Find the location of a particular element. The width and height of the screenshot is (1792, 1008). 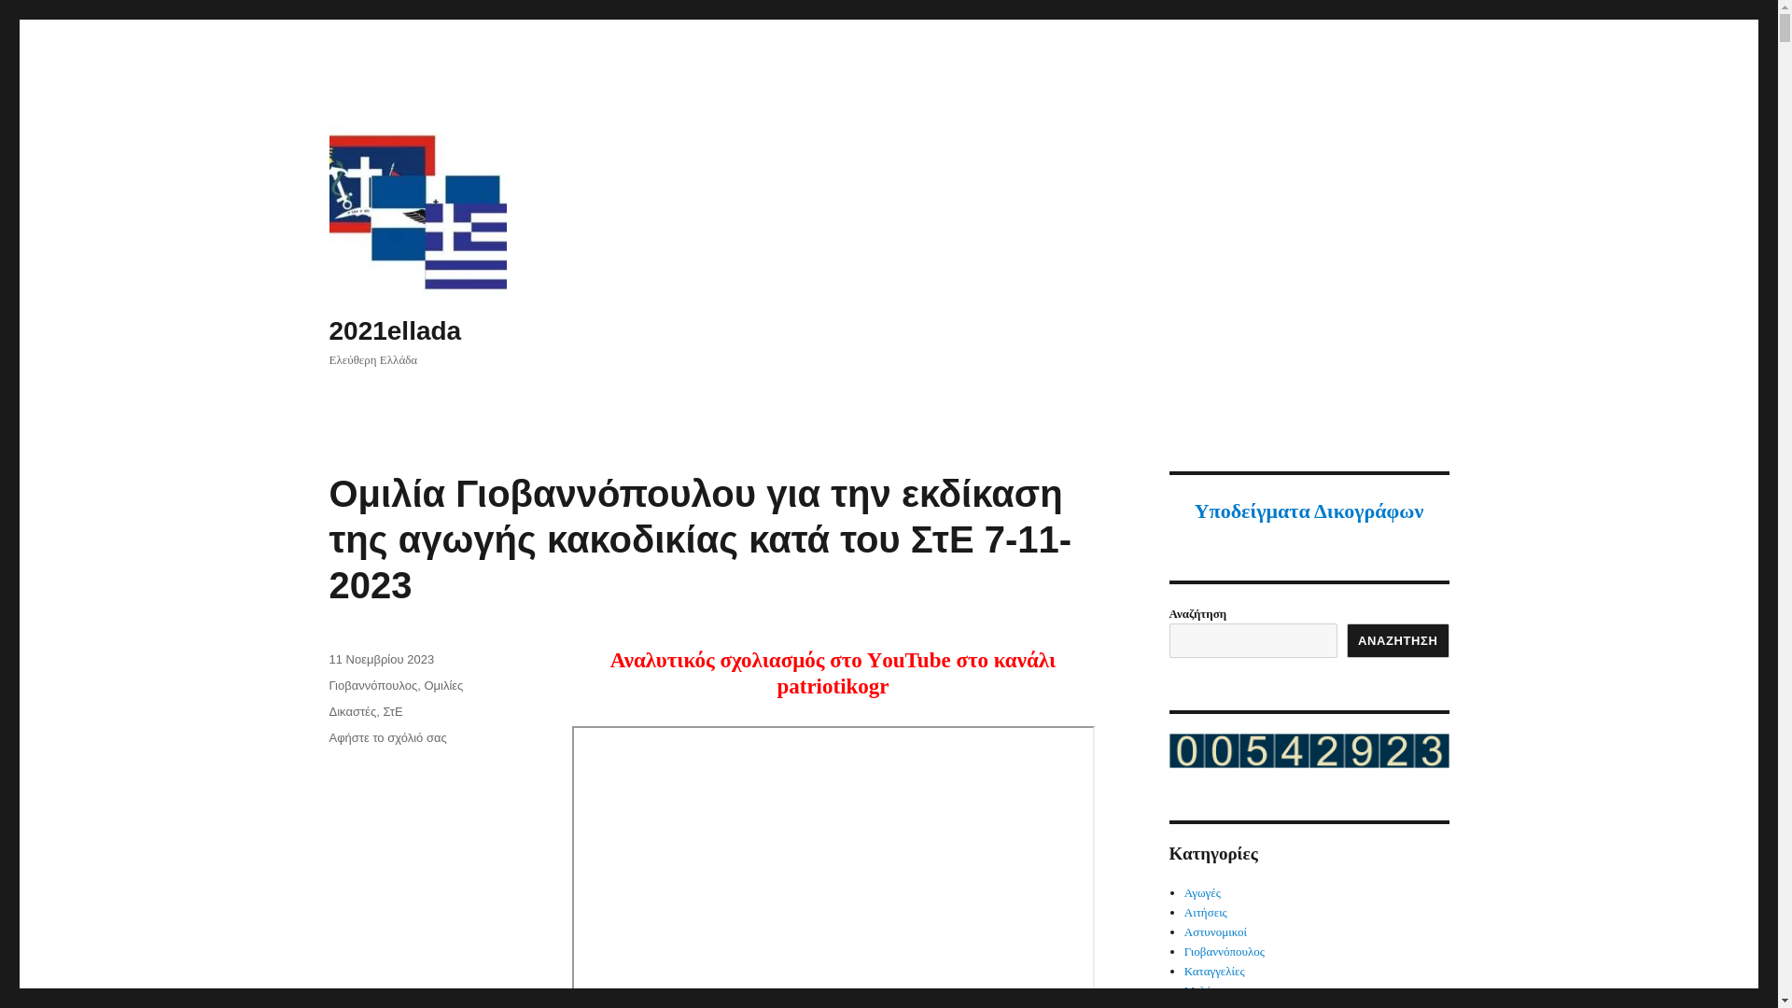

'2021ellada' is located at coordinates (328, 329).